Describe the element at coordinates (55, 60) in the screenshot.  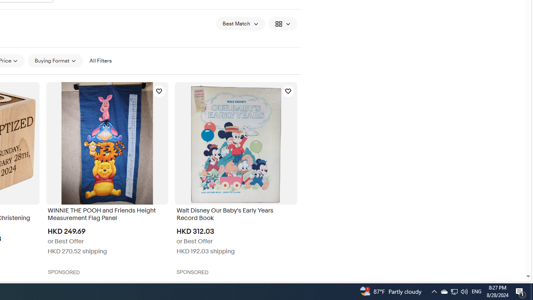
I see `'Buying Format'` at that location.